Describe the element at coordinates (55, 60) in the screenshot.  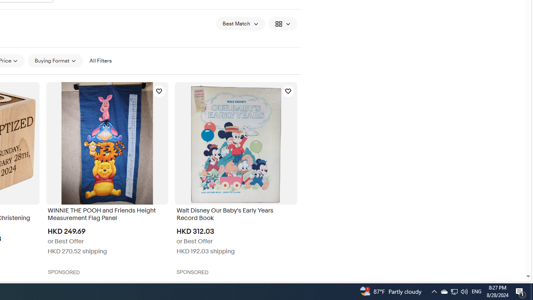
I see `'Buying Format'` at that location.